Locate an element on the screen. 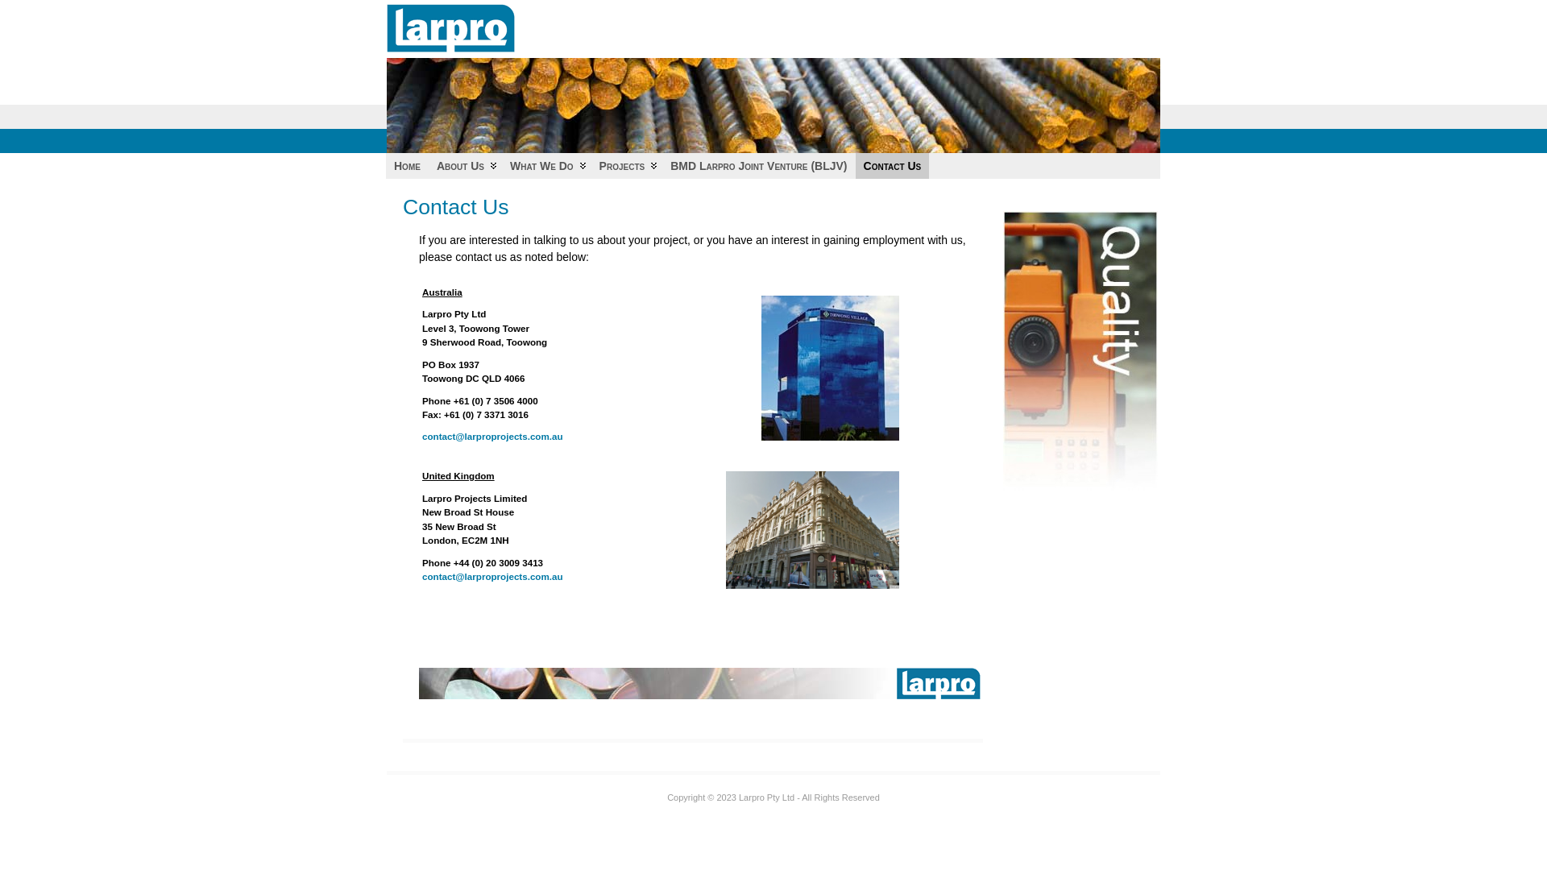 Image resolution: width=1547 pixels, height=870 pixels. 'Projects' is located at coordinates (626, 165).